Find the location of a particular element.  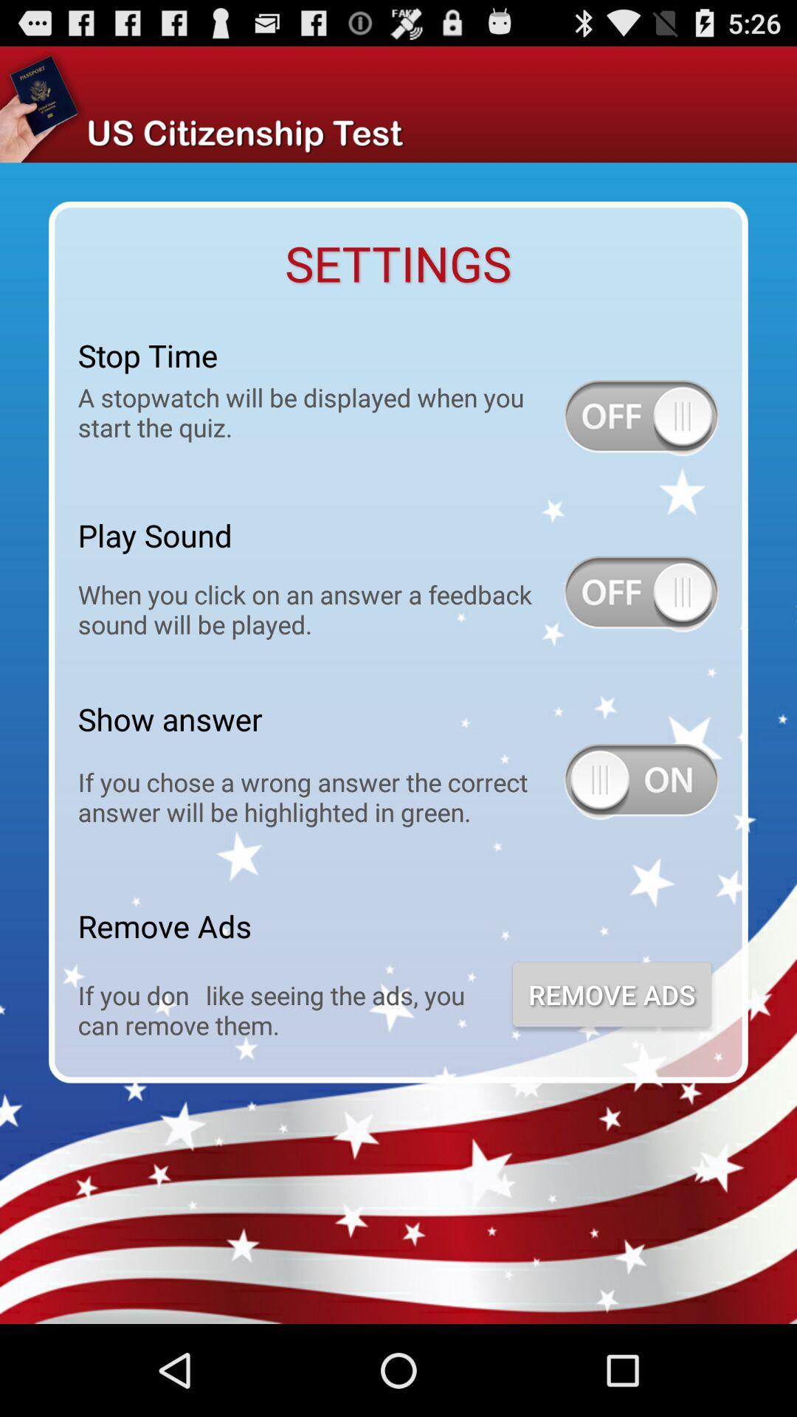

stop time is located at coordinates (641, 417).